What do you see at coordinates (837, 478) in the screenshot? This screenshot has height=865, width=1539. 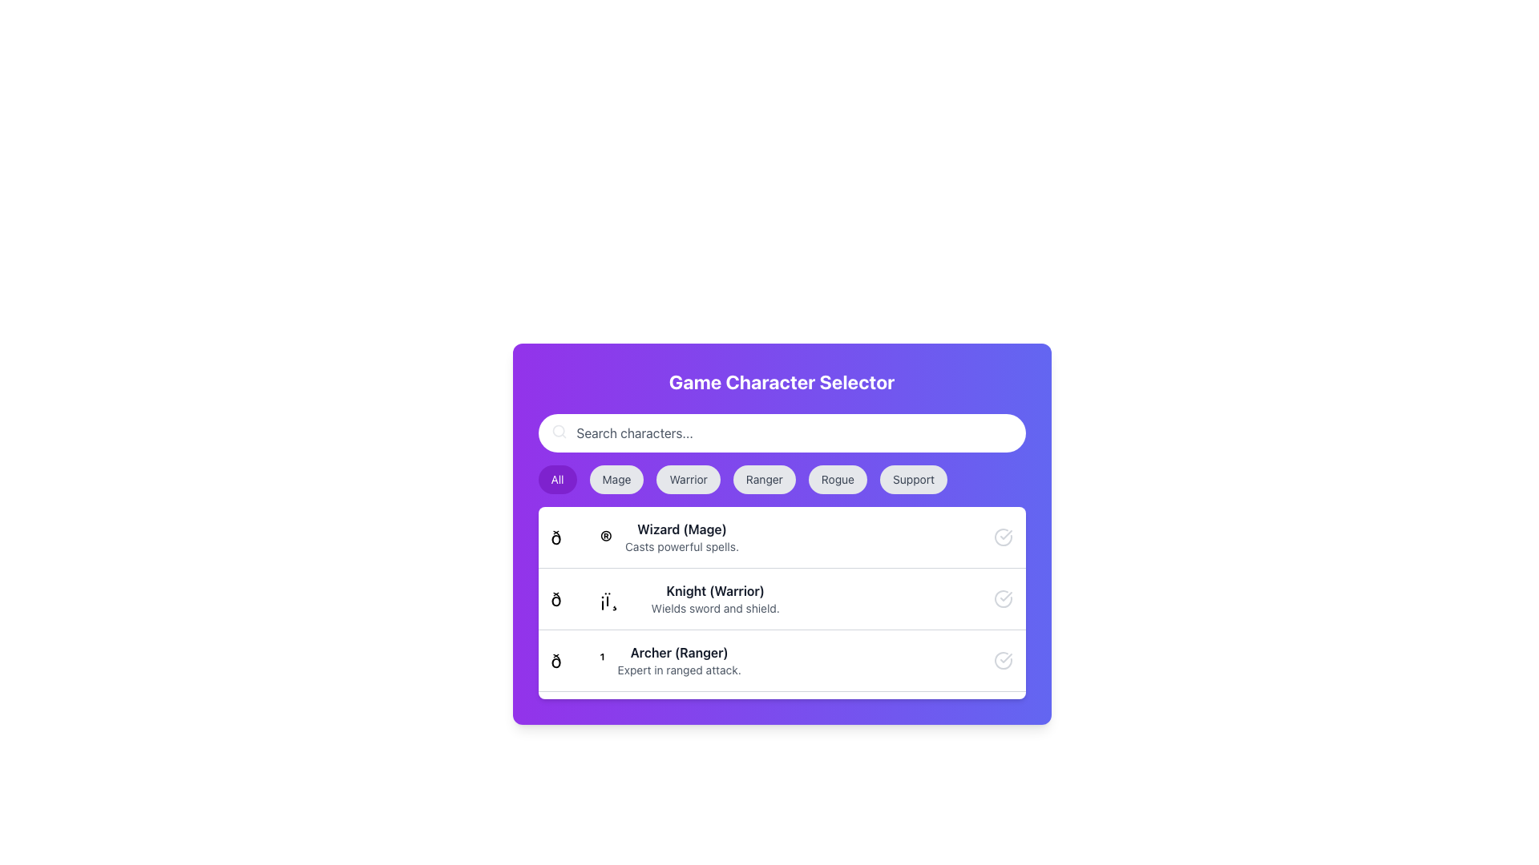 I see `the 'Rogue' filter button in the horizontal navigation bar` at bounding box center [837, 478].